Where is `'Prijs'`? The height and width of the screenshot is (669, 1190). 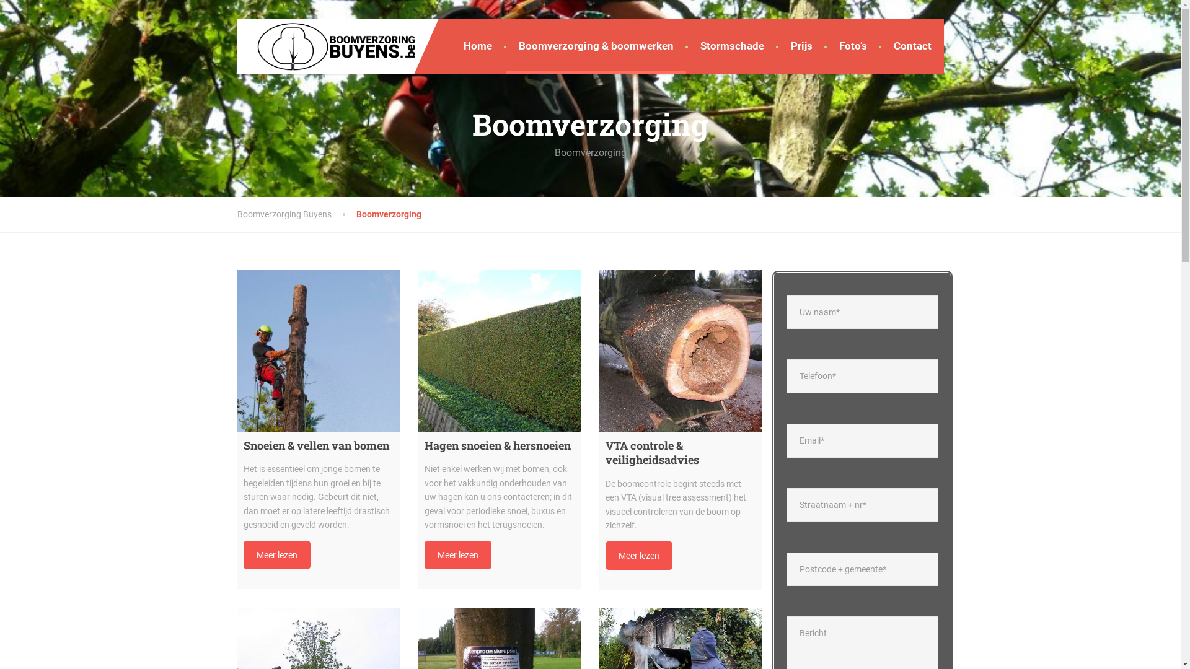 'Prijs' is located at coordinates (801, 45).